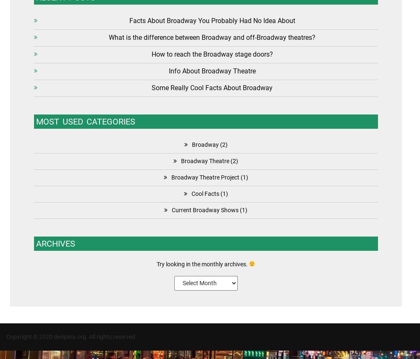 This screenshot has height=359, width=420. What do you see at coordinates (212, 70) in the screenshot?
I see `'Info About Broadway Theatre'` at bounding box center [212, 70].